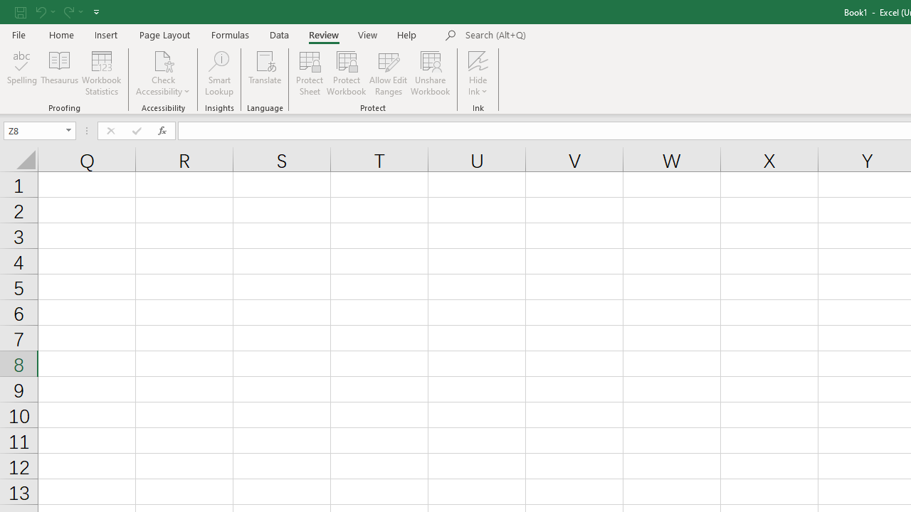 The height and width of the screenshot is (512, 911). What do you see at coordinates (40, 11) in the screenshot?
I see `'Undo'` at bounding box center [40, 11].